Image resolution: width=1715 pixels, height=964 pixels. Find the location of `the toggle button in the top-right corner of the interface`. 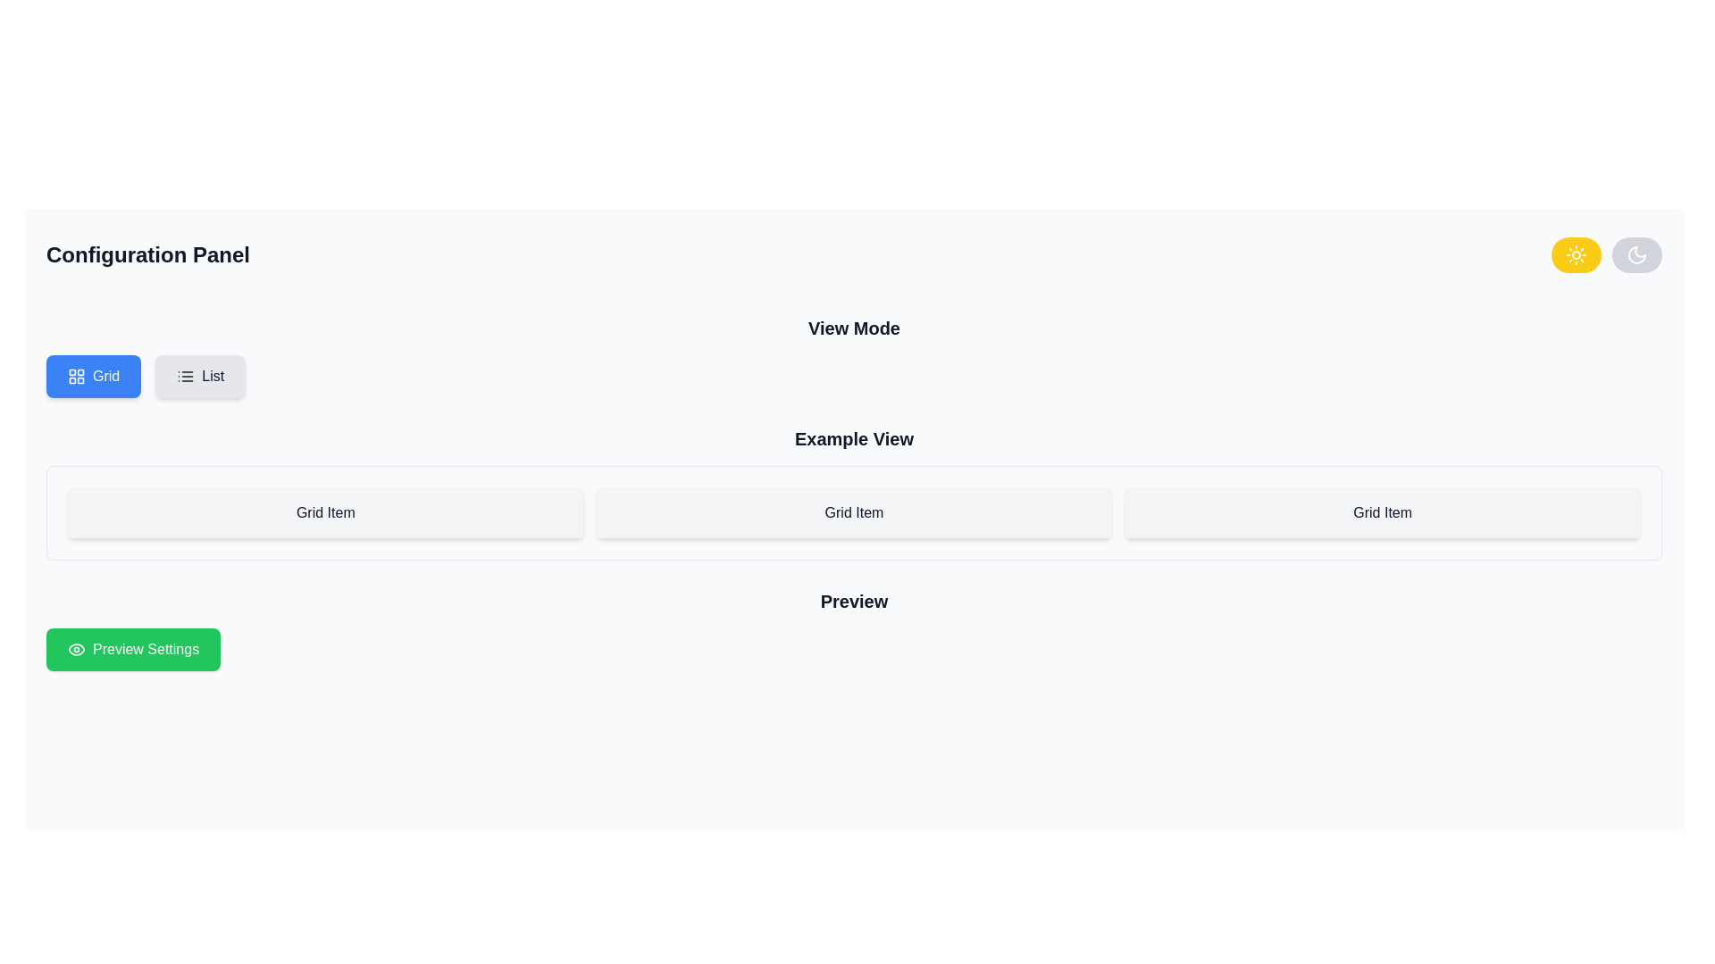

the toggle button in the top-right corner of the interface is located at coordinates (1577, 254).